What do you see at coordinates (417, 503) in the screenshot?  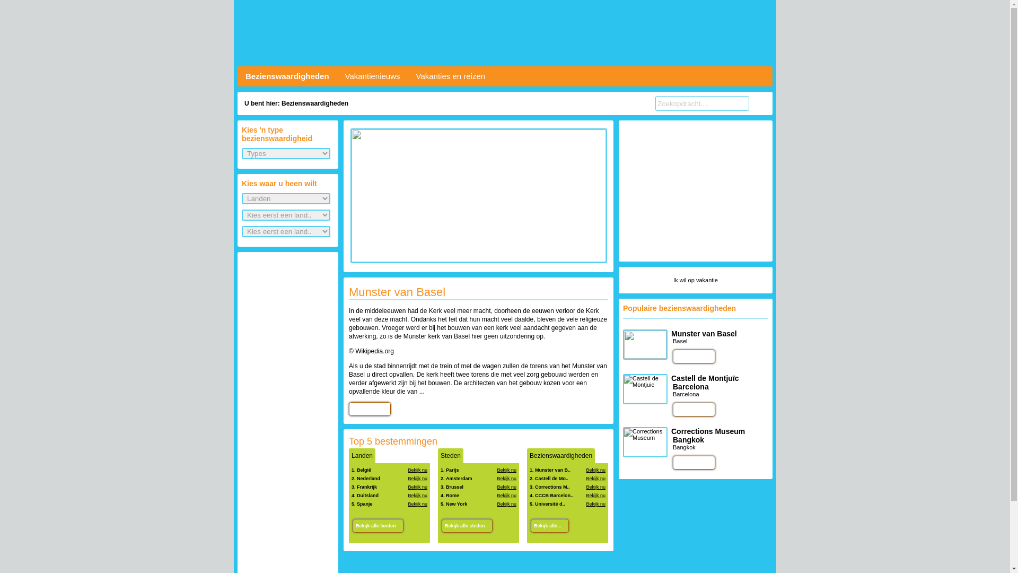 I see `'Bekijk nu'` at bounding box center [417, 503].